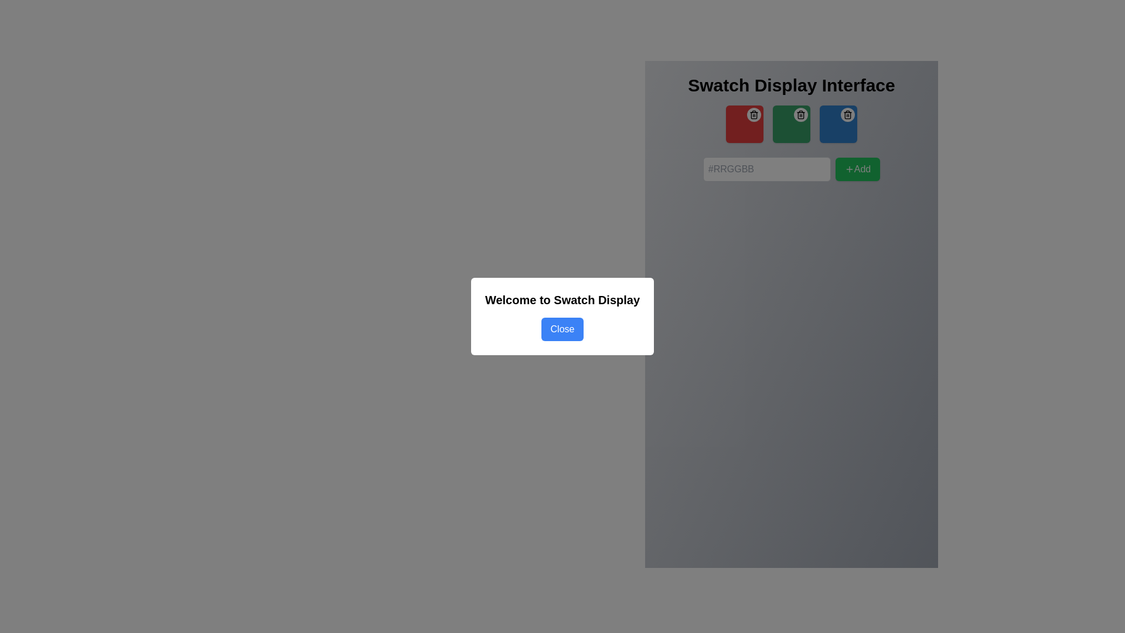 The image size is (1125, 633). I want to click on the heading 'Welcome to Swatch Display', which is styled in bold and positioned prominently within a white modal box above the blue 'Close' button, so click(562, 300).